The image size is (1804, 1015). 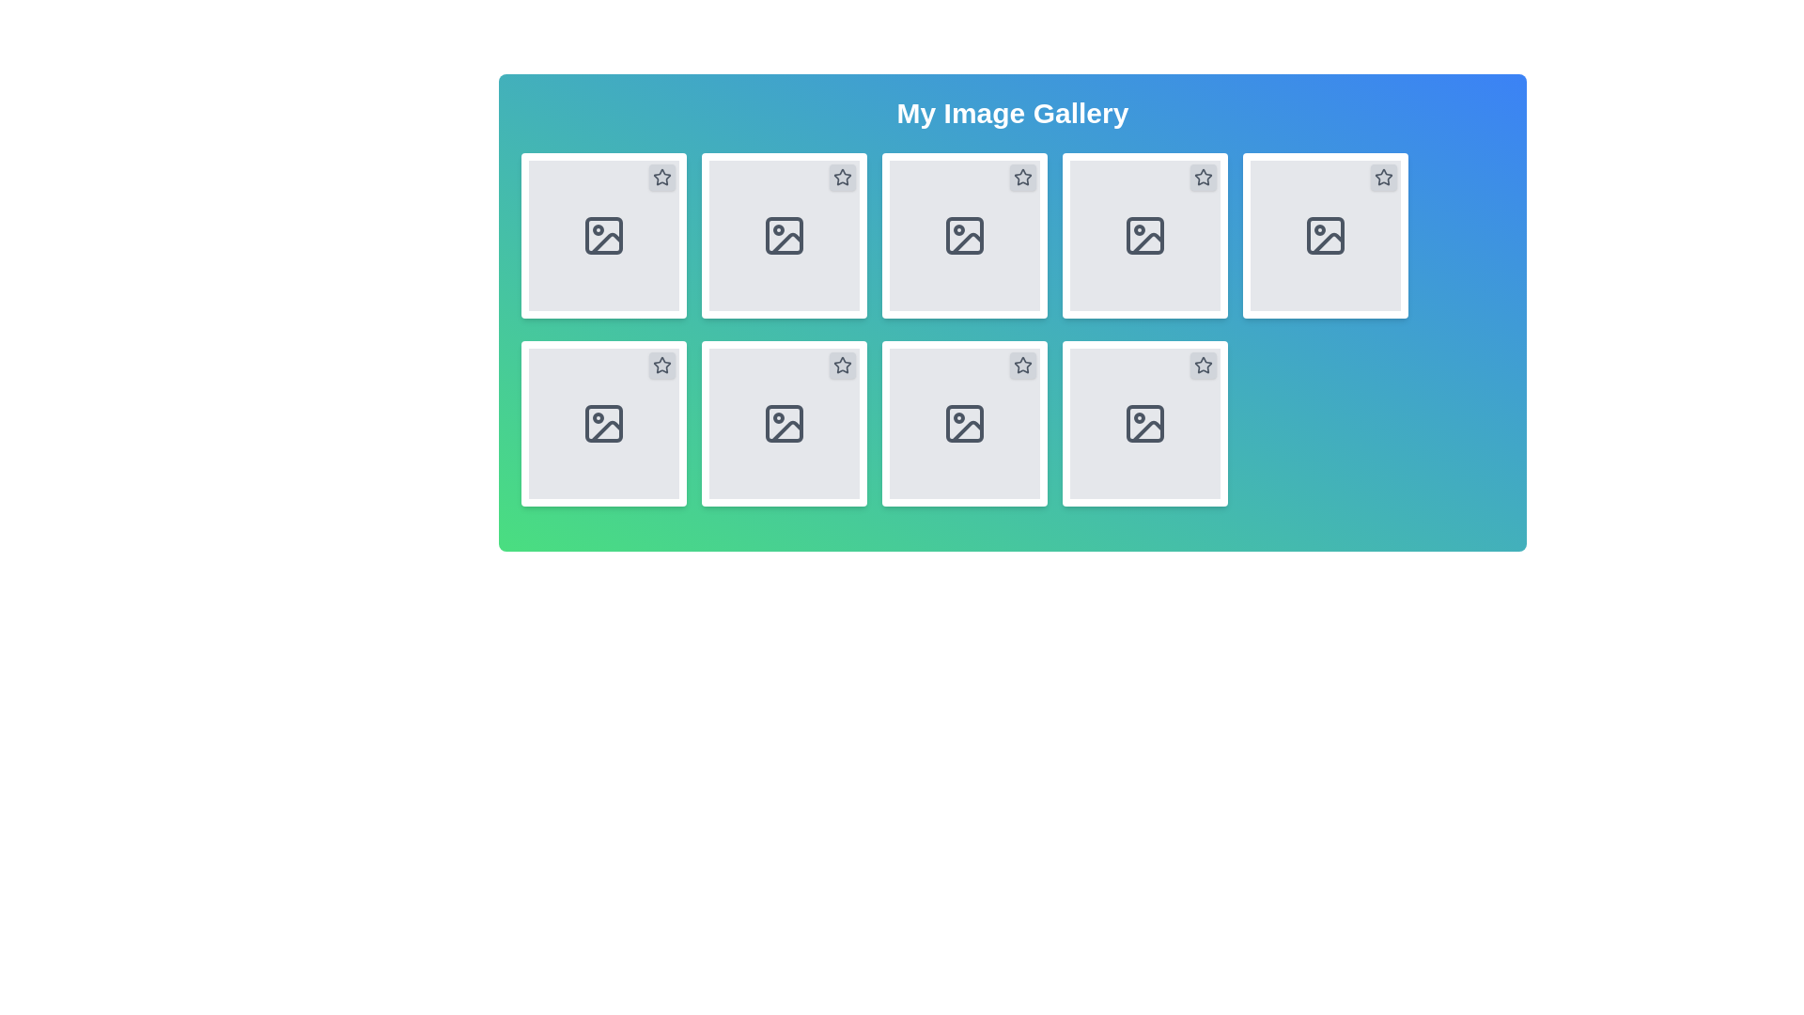 What do you see at coordinates (1204, 178) in the screenshot?
I see `the star-shaped icon in the top-right corner of the last card in the first row of the image gallery` at bounding box center [1204, 178].